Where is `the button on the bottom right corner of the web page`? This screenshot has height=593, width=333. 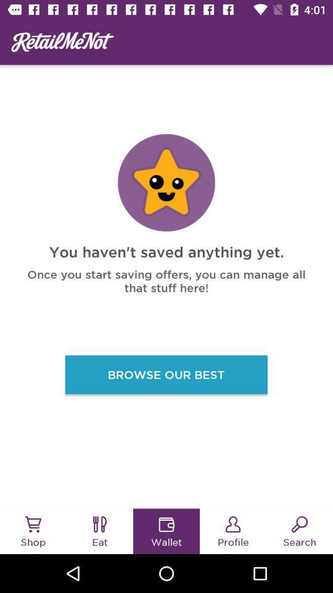
the button on the bottom right corner of the web page is located at coordinates (299, 531).